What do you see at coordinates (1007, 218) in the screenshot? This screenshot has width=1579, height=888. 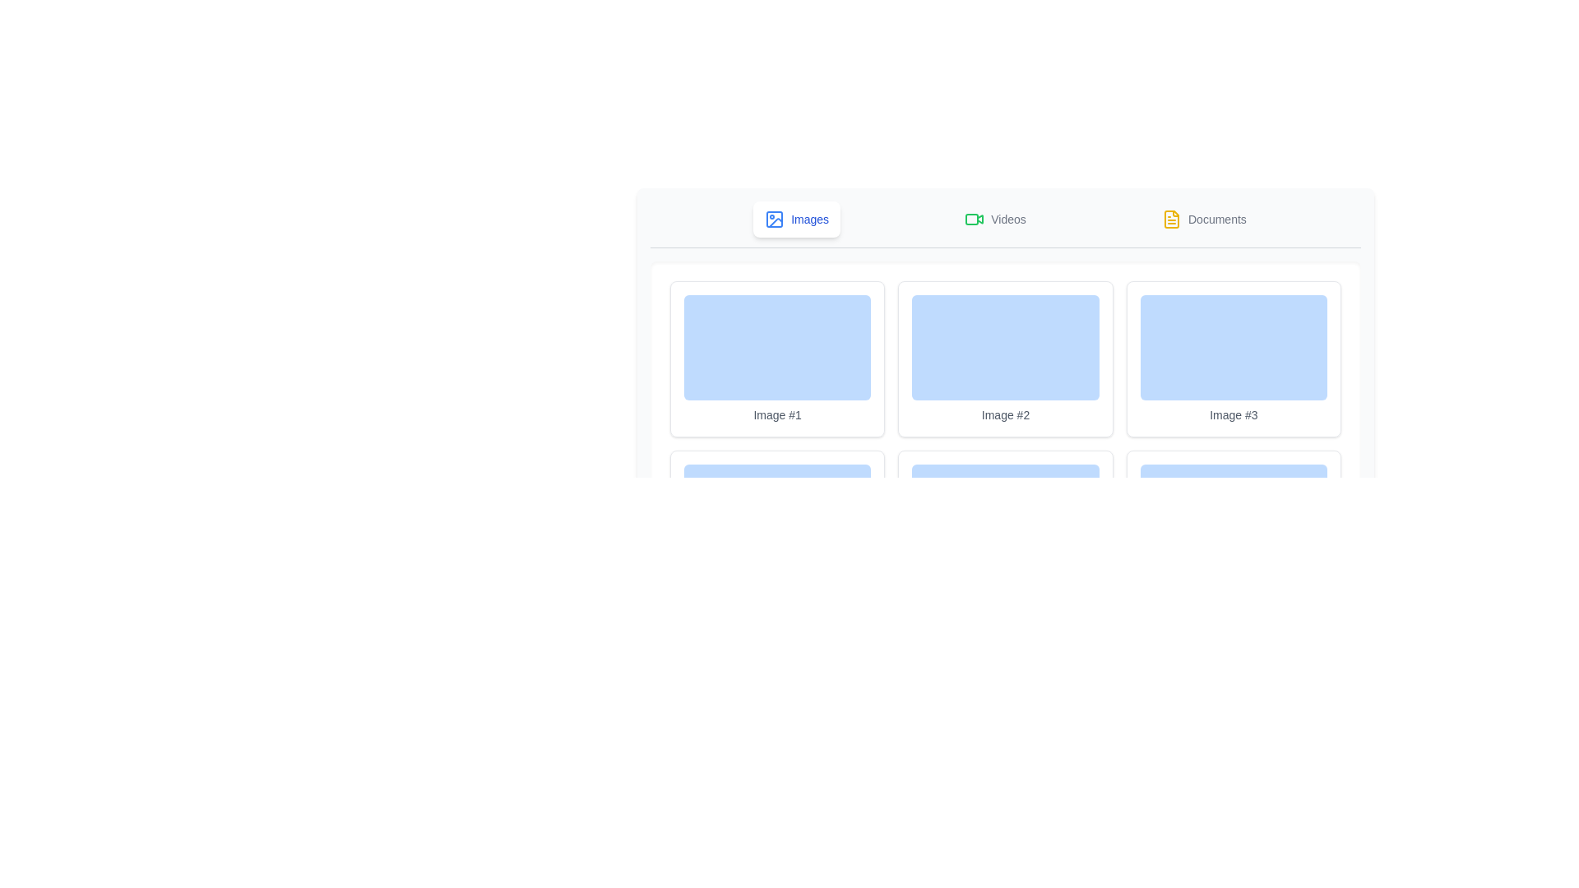 I see `text label that displays the word 'Videos', which is part of a toolbar near the top-center section of the interface and follows an icon of a video camera` at bounding box center [1007, 218].